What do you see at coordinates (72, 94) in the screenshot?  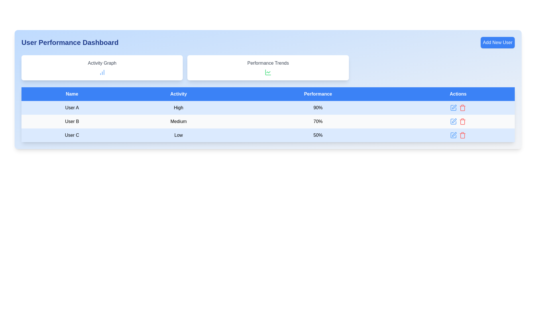 I see `the 'Name' header label in the table, which is the first element in the header row, indicating the user names column` at bounding box center [72, 94].